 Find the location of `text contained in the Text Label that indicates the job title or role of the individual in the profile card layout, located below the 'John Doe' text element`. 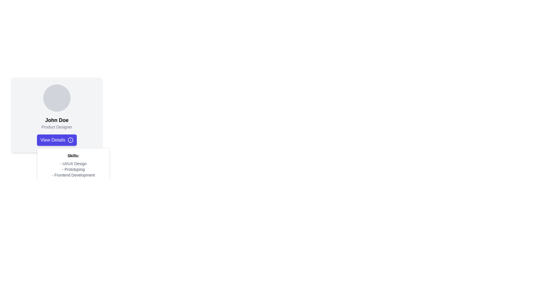

text contained in the Text Label that indicates the job title or role of the individual in the profile card layout, located below the 'John Doe' text element is located at coordinates (57, 127).